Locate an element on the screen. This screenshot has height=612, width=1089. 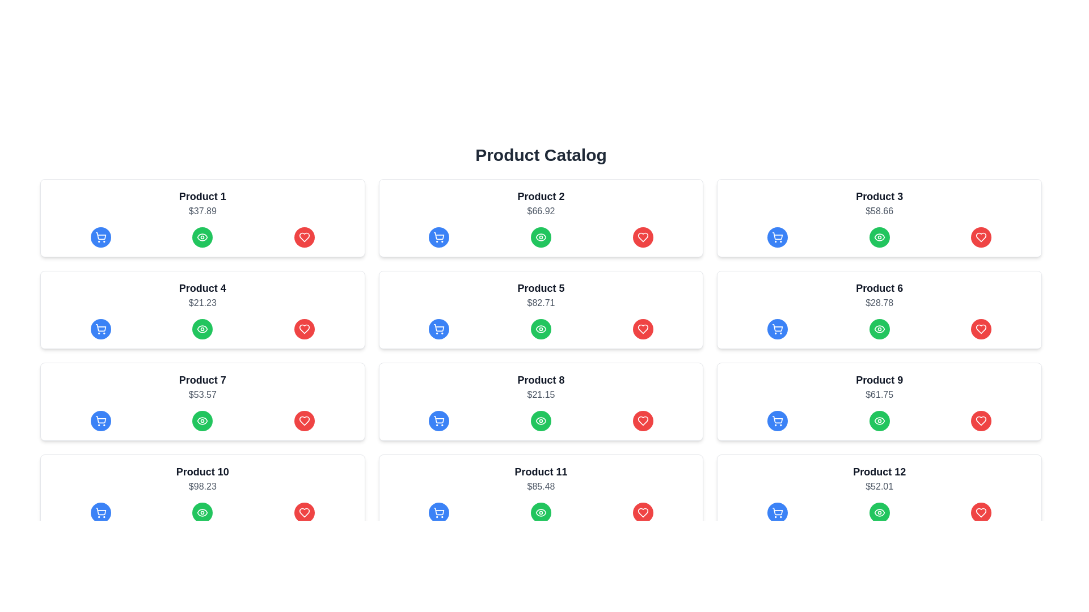
the heart-shaped icon located in the second row and second column of the grid layout, which is positioned to the right of the card titled 'Product 5' is located at coordinates (643, 329).